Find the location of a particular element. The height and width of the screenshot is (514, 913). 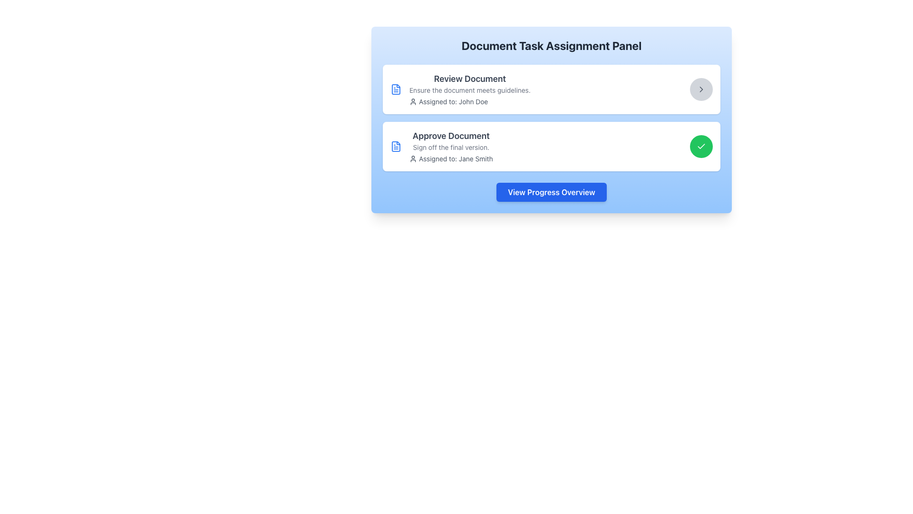

the user profile icon representing the assignee of the task, located to the left of the text 'Assigned to: John Doe' in the first task card is located at coordinates (413, 101).